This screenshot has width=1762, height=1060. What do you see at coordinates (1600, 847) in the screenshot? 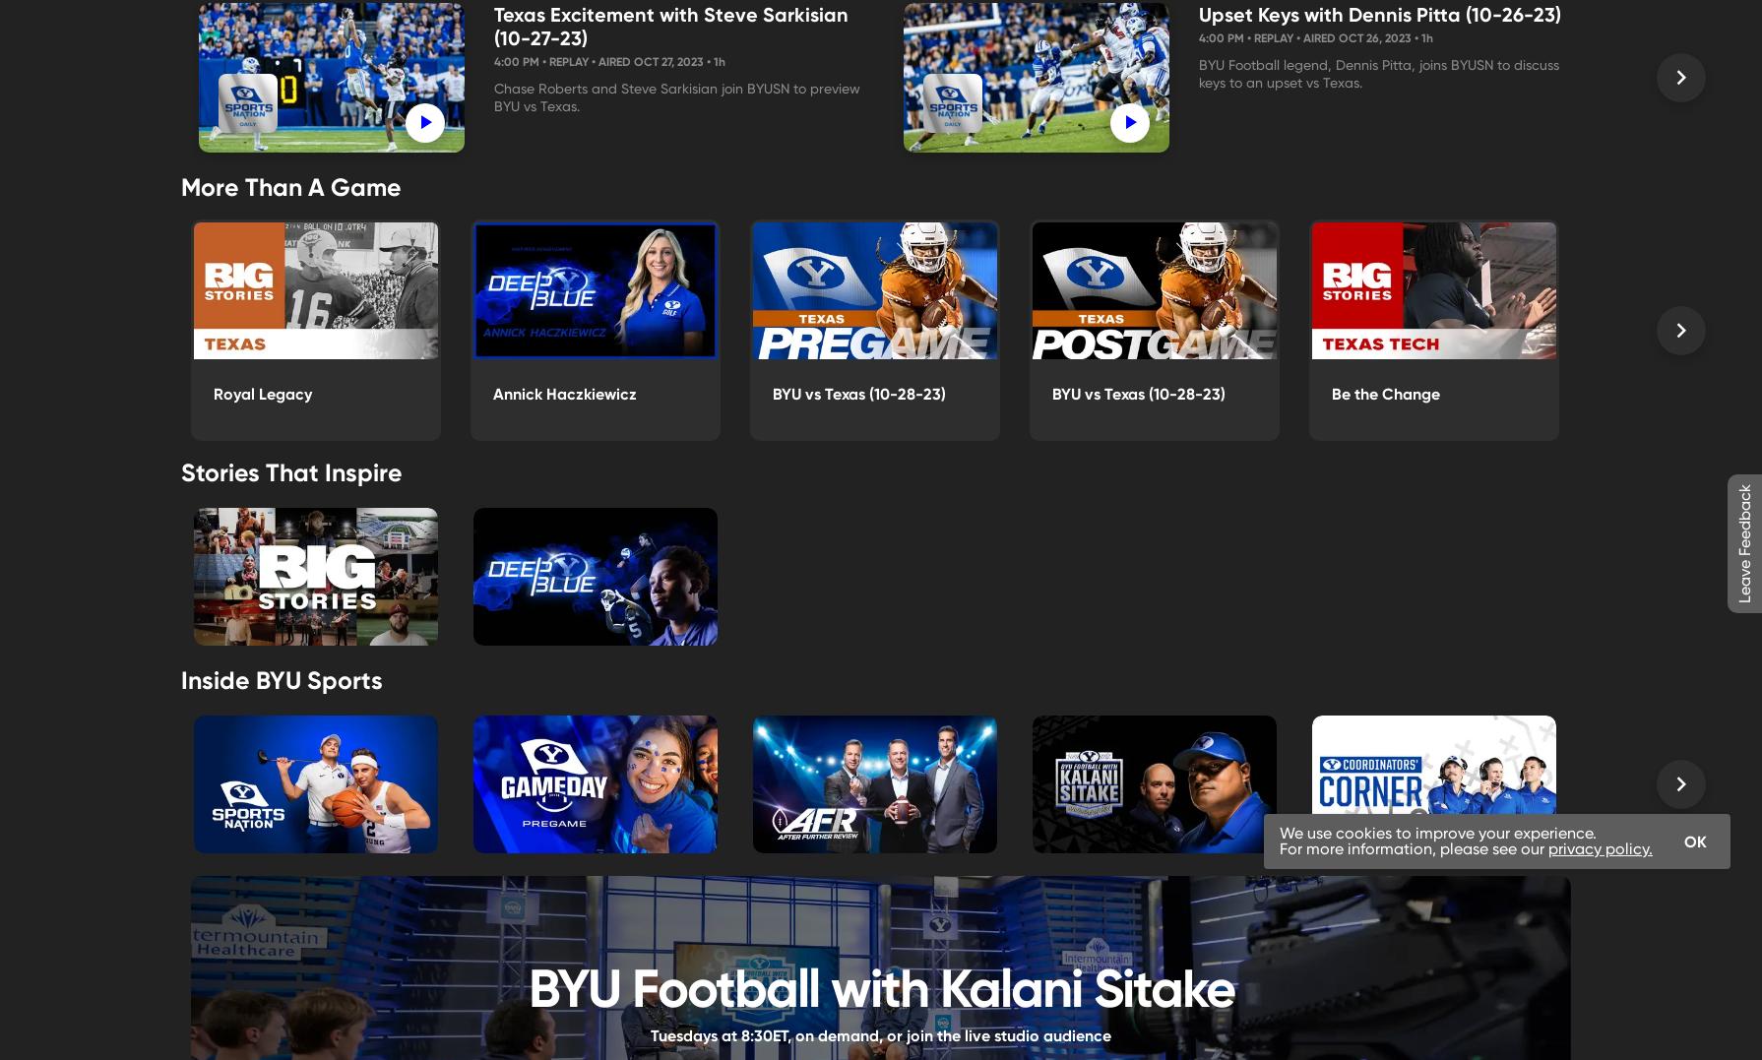
I see `'privacy policy.'` at bounding box center [1600, 847].